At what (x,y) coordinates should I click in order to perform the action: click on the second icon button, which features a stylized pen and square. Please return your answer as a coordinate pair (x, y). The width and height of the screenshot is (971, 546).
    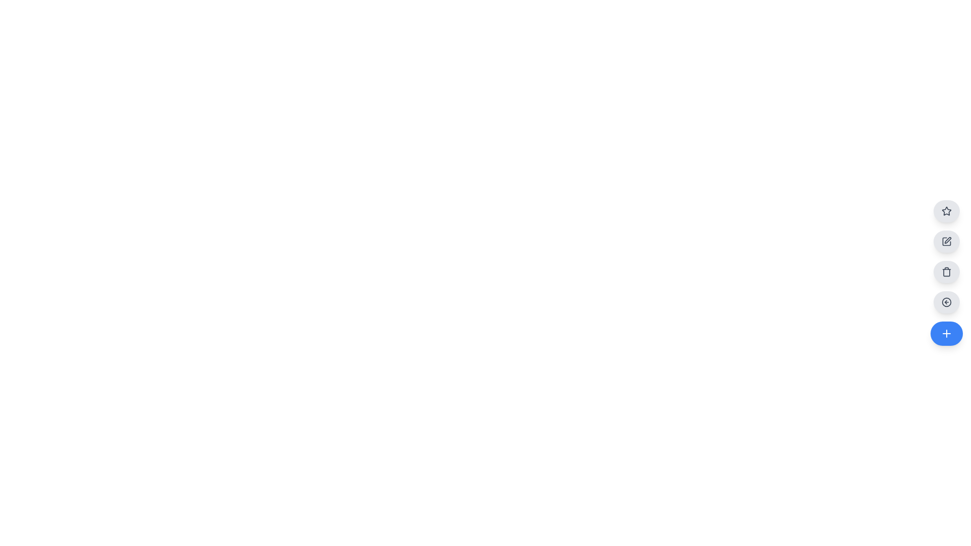
    Looking at the image, I should click on (947, 240).